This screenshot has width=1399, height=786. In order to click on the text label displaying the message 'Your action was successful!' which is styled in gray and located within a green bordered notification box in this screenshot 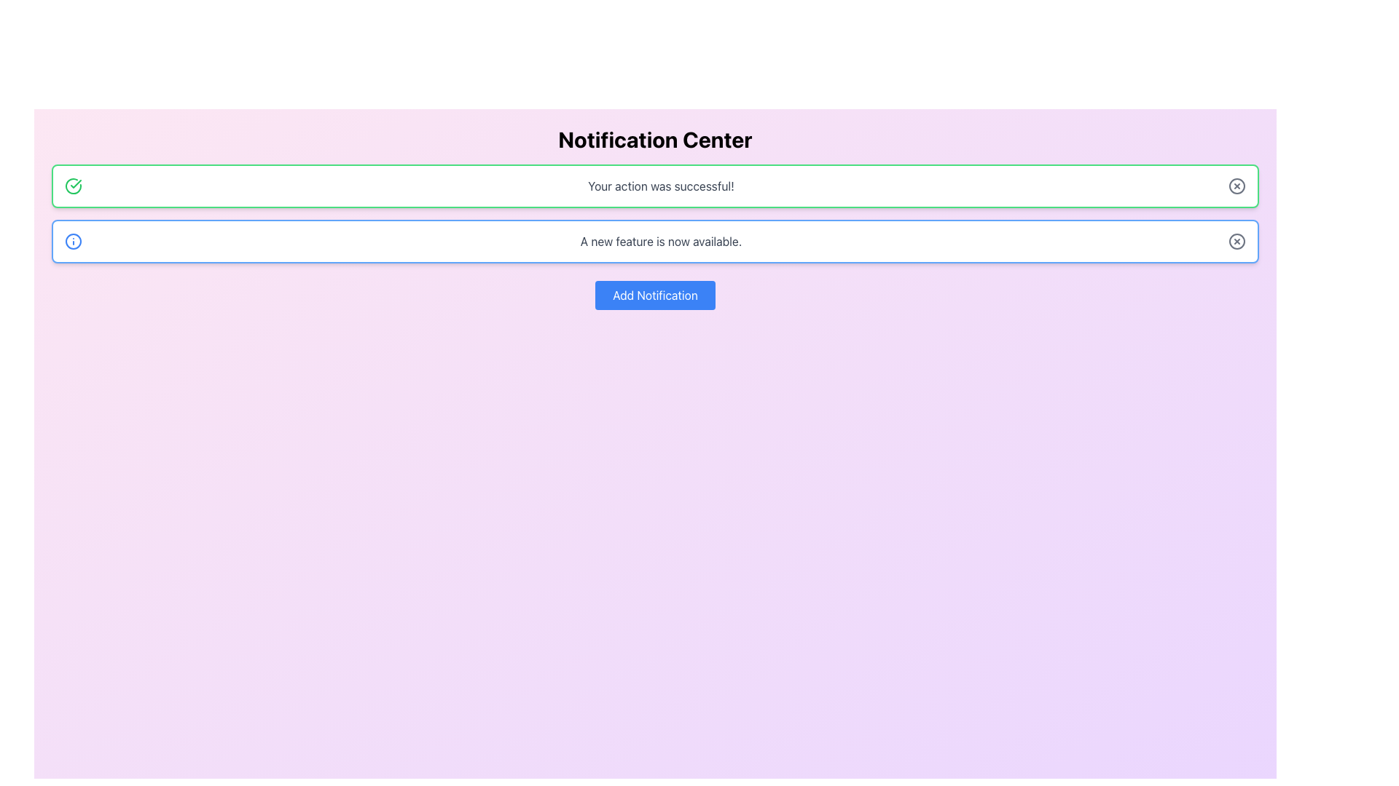, I will do `click(660, 185)`.